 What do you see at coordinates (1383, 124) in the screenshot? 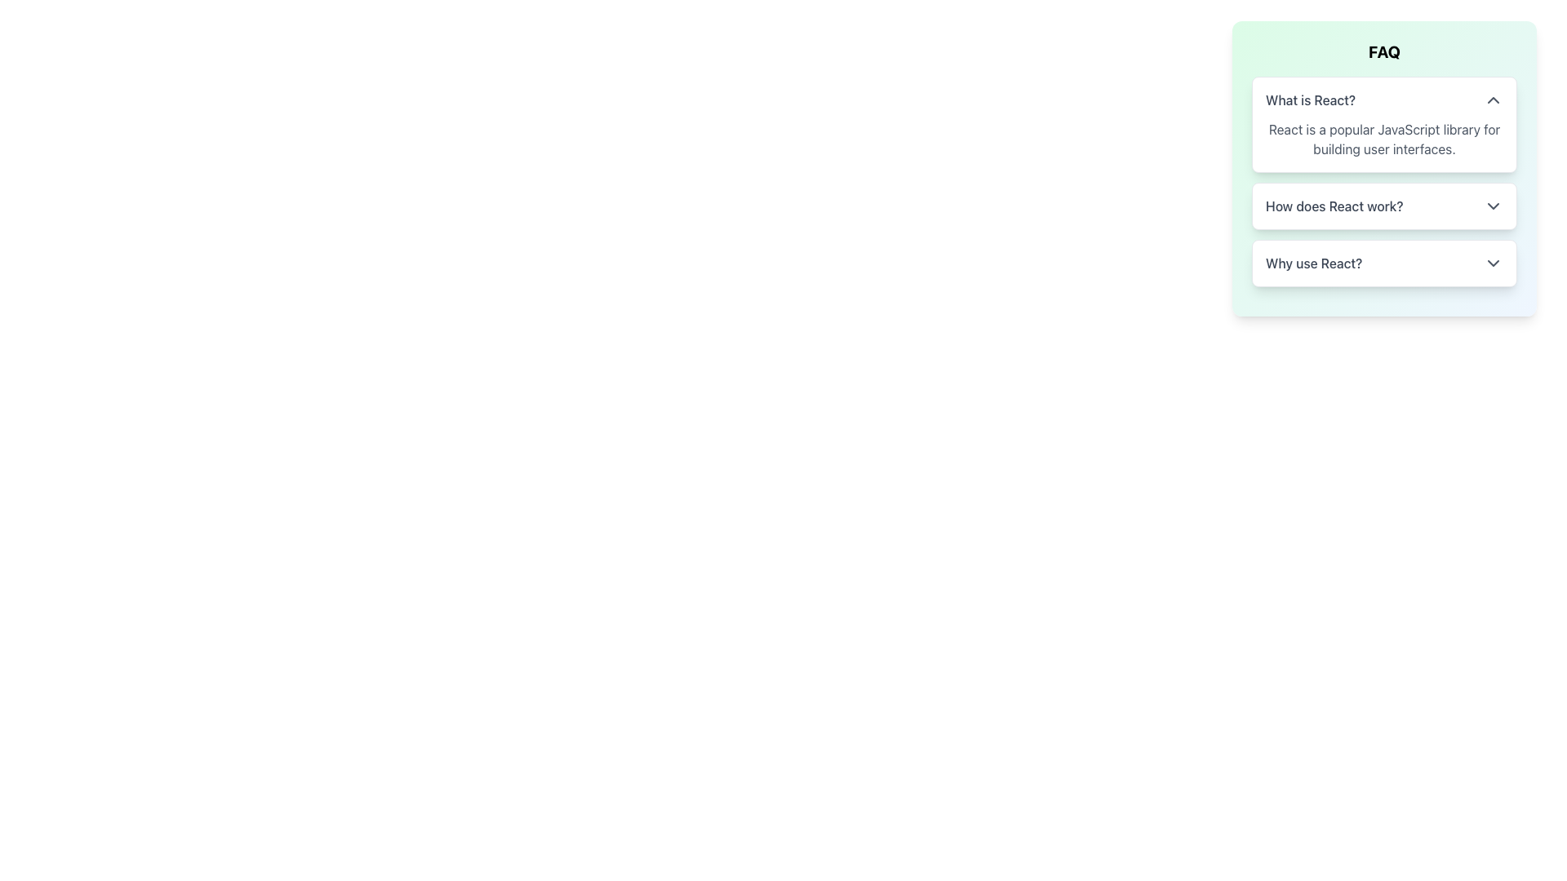
I see `the chevron icon located at the right end of the header in the FAQ section titled 'What is React?'` at bounding box center [1383, 124].